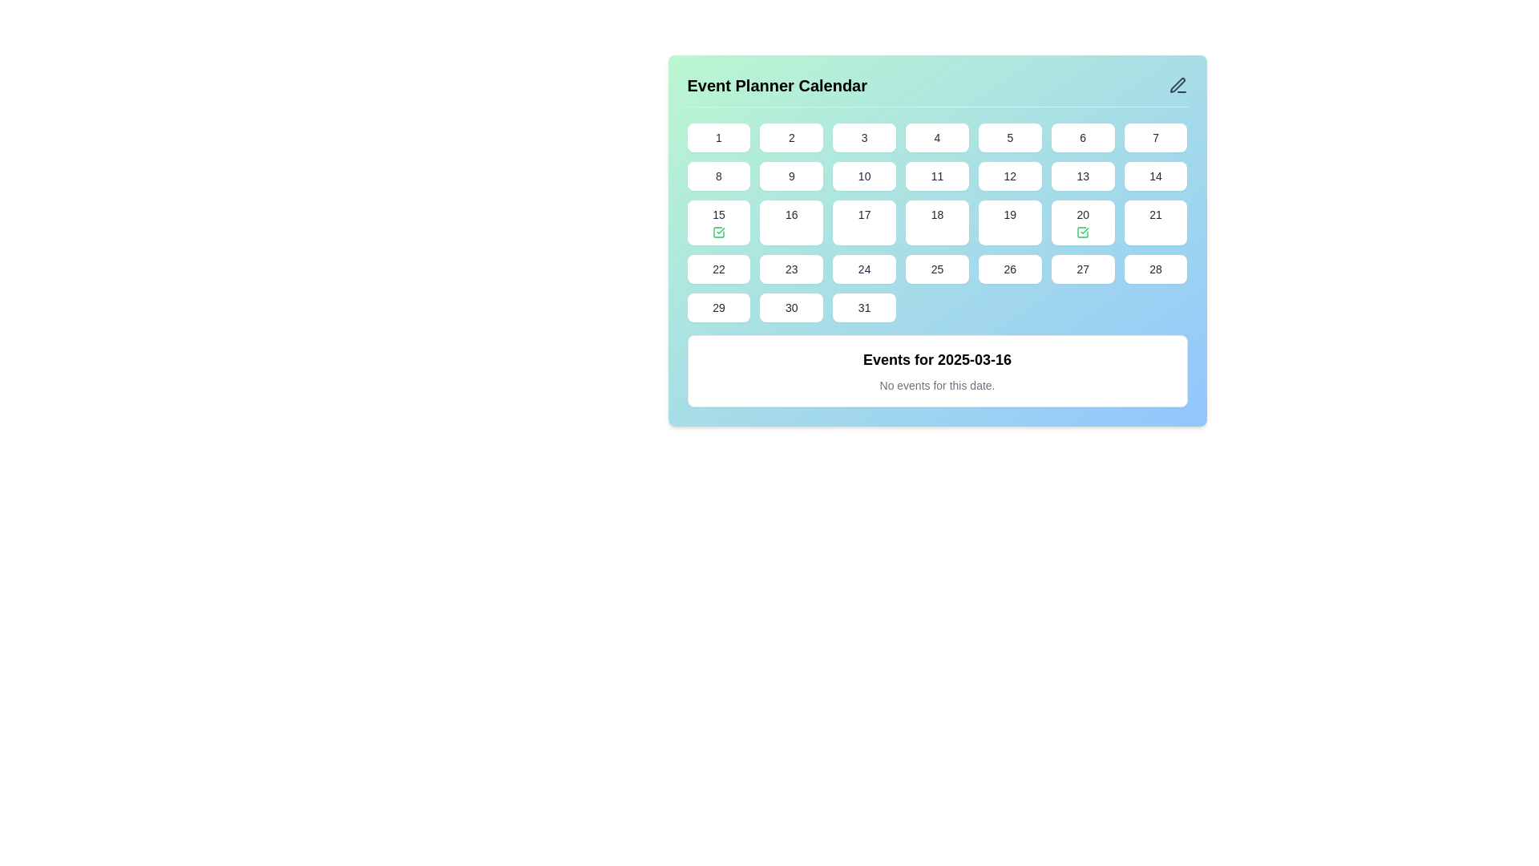 This screenshot has width=1539, height=866. I want to click on the Informational Section that contains the header 'Events for 2025-03-16' and the text 'No events for this date.', so click(937, 370).